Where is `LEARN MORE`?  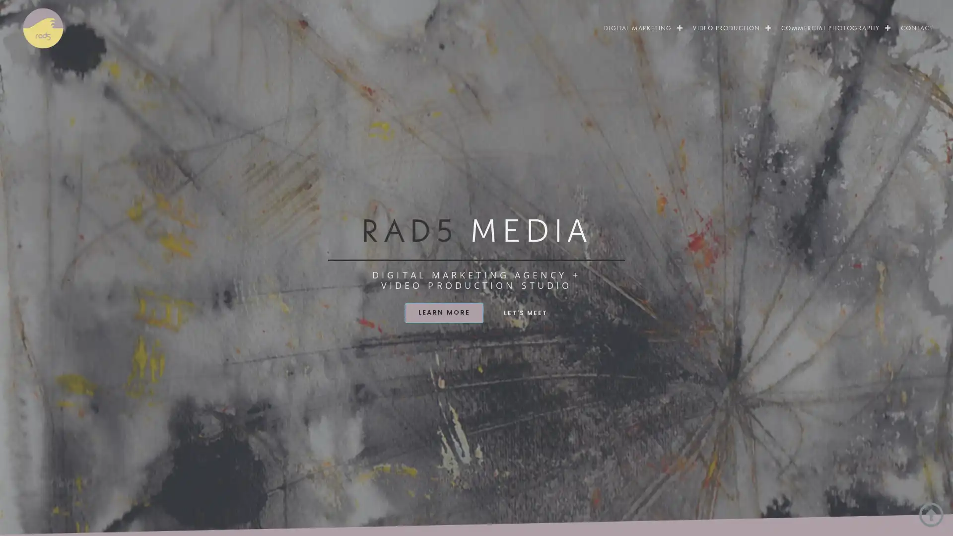
LEARN MORE is located at coordinates (443, 312).